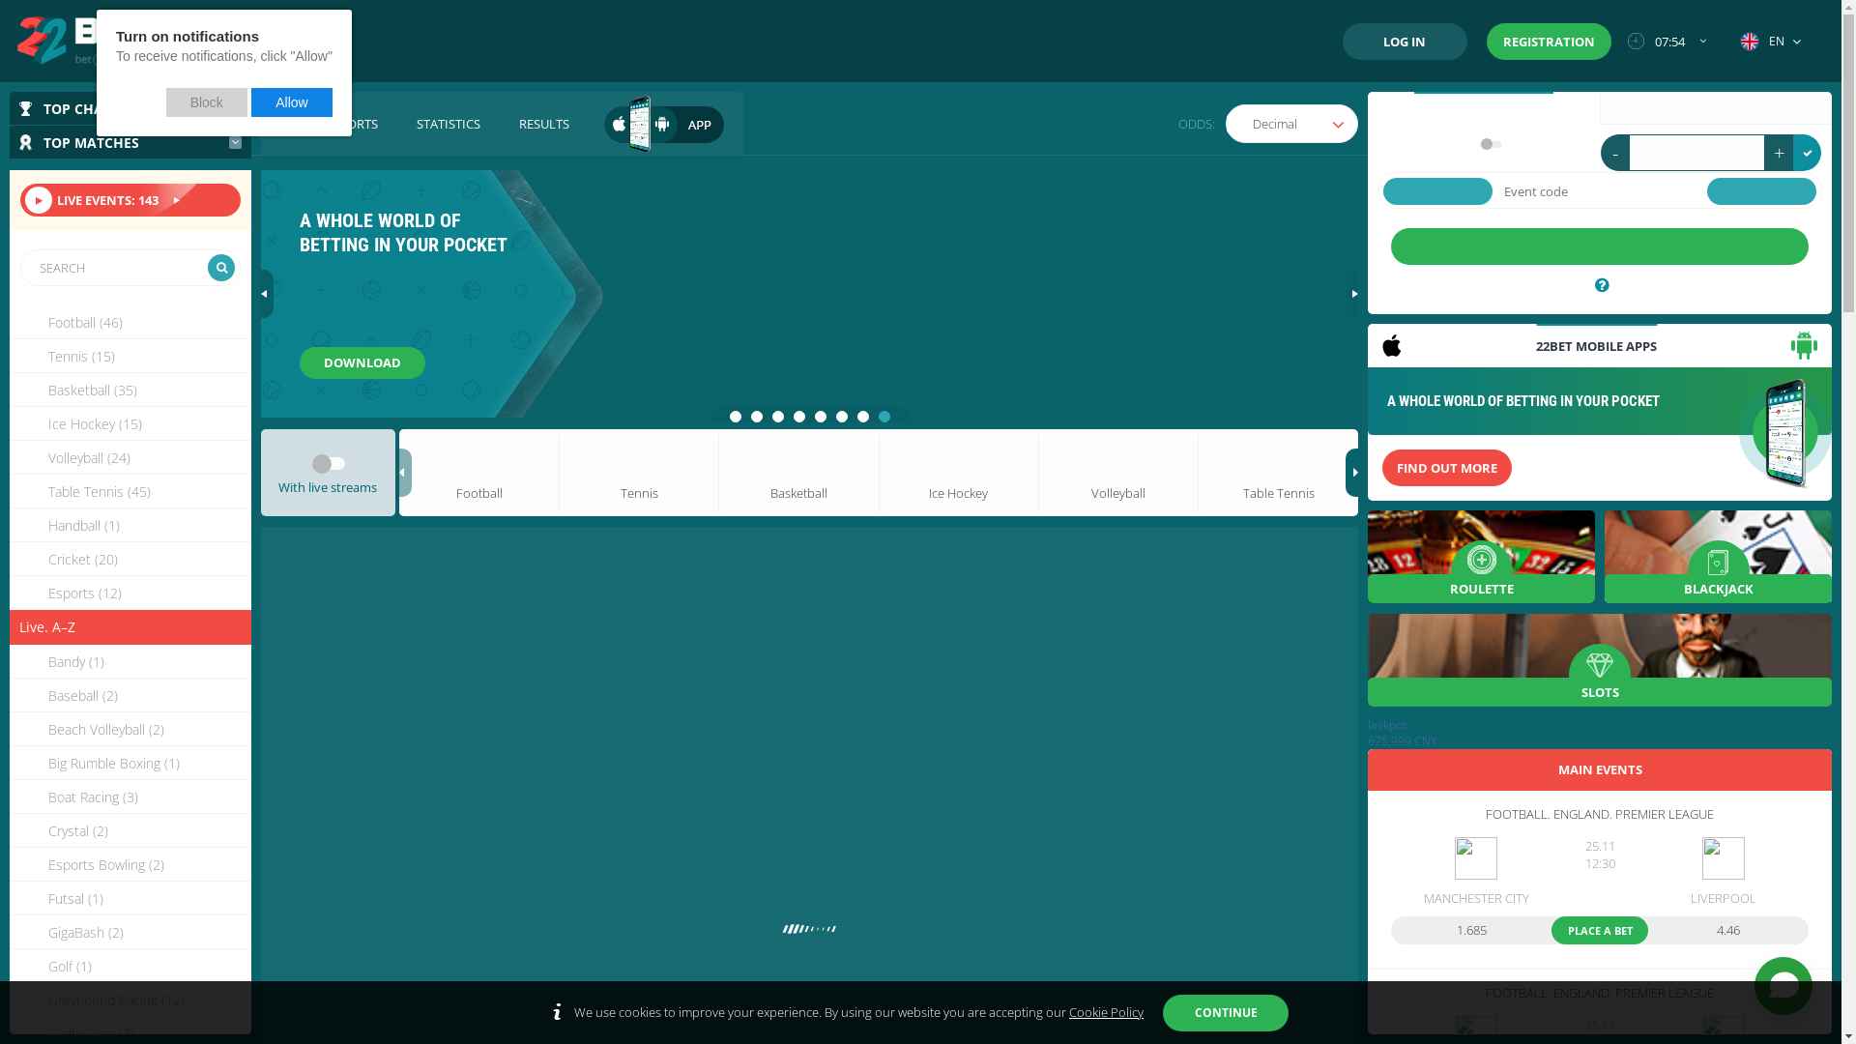  Describe the element at coordinates (9, 321) in the screenshot. I see `'Football` at that location.